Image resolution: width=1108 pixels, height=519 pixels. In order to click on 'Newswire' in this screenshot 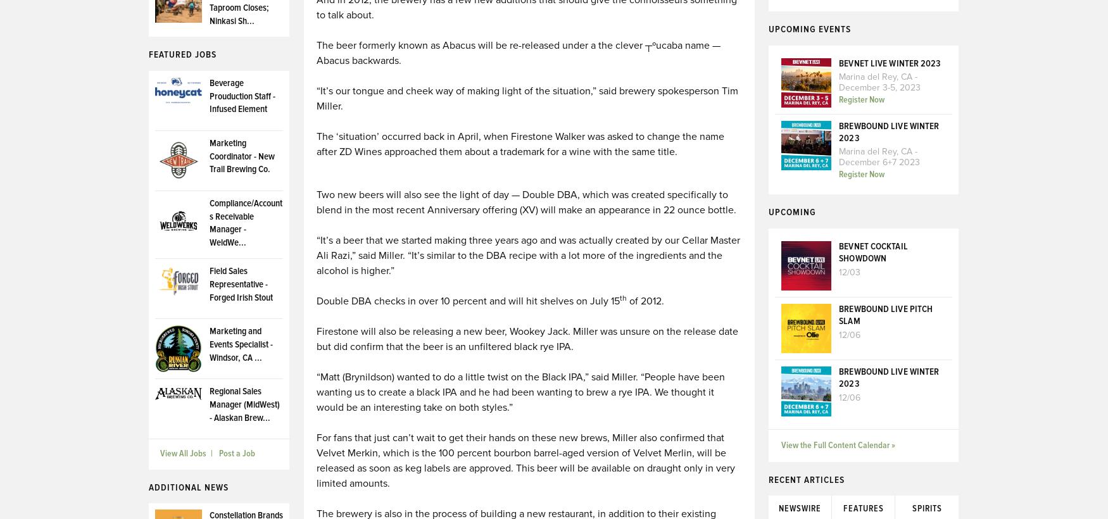, I will do `click(799, 508)`.